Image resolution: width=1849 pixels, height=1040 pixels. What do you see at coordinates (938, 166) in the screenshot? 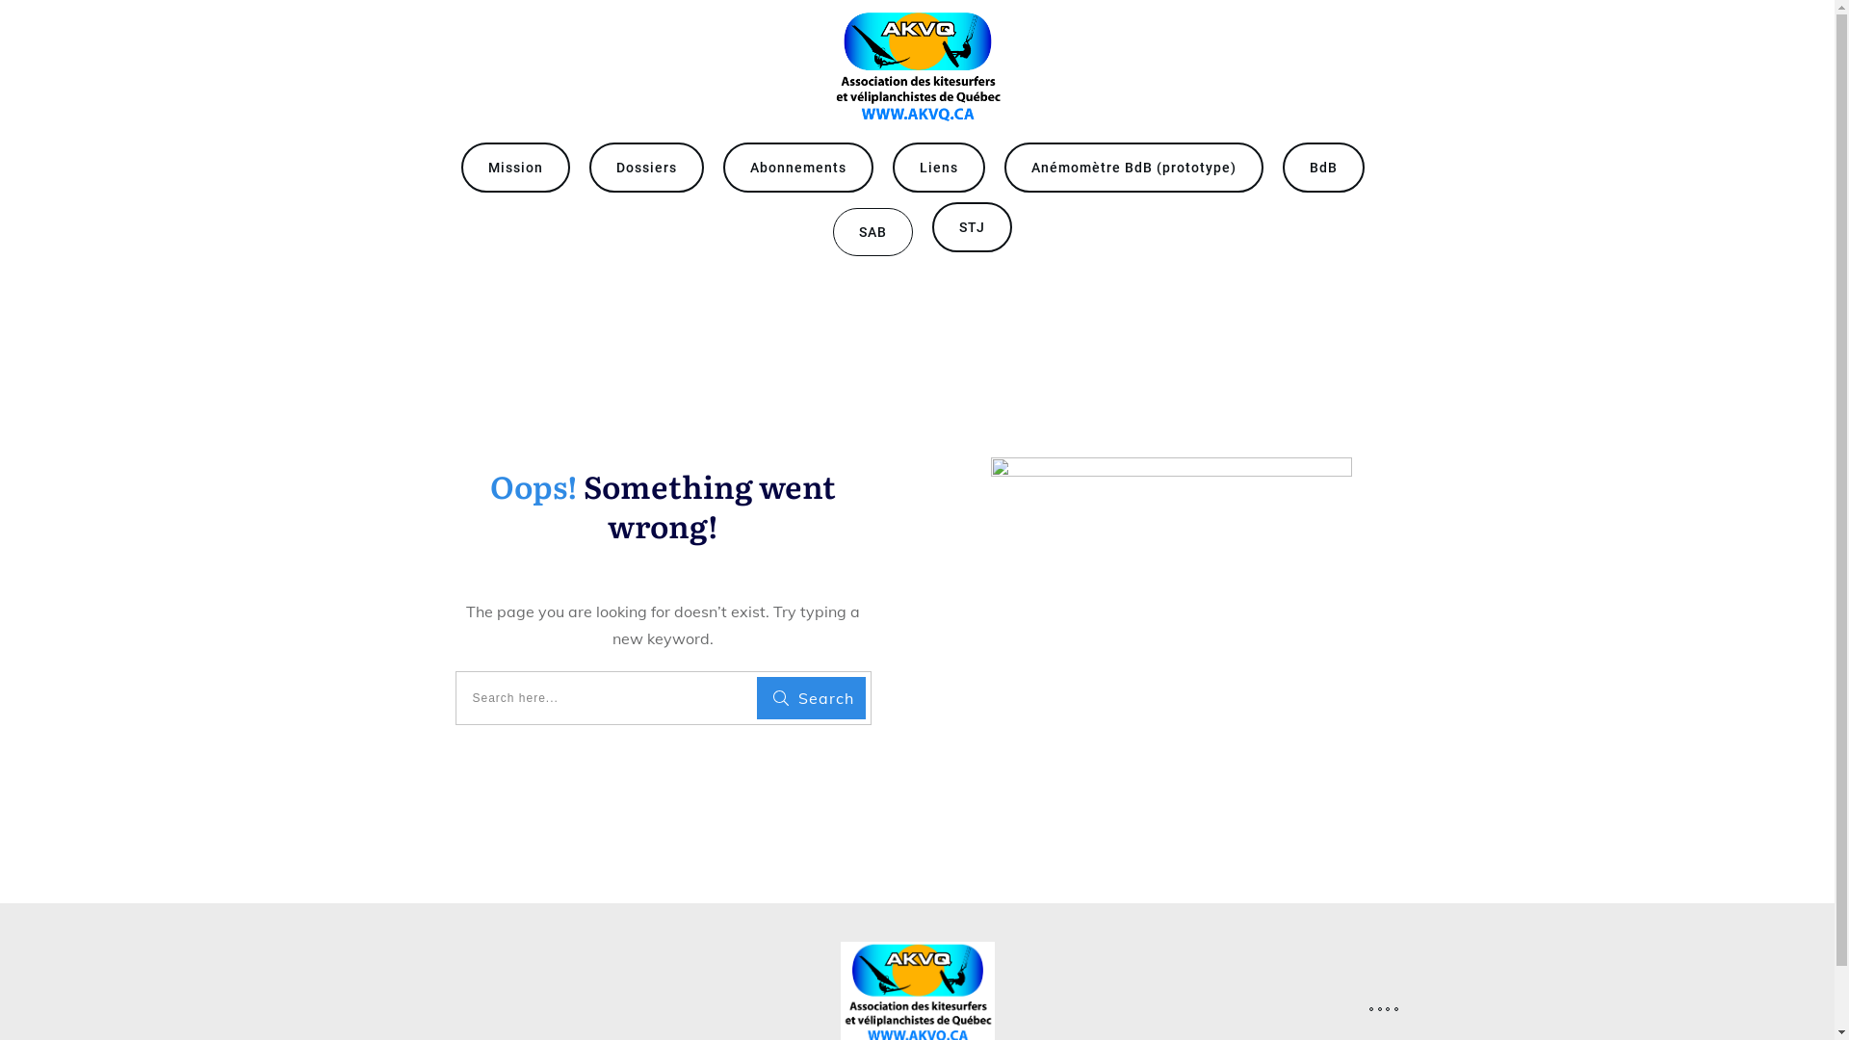
I see `'Liens'` at bounding box center [938, 166].